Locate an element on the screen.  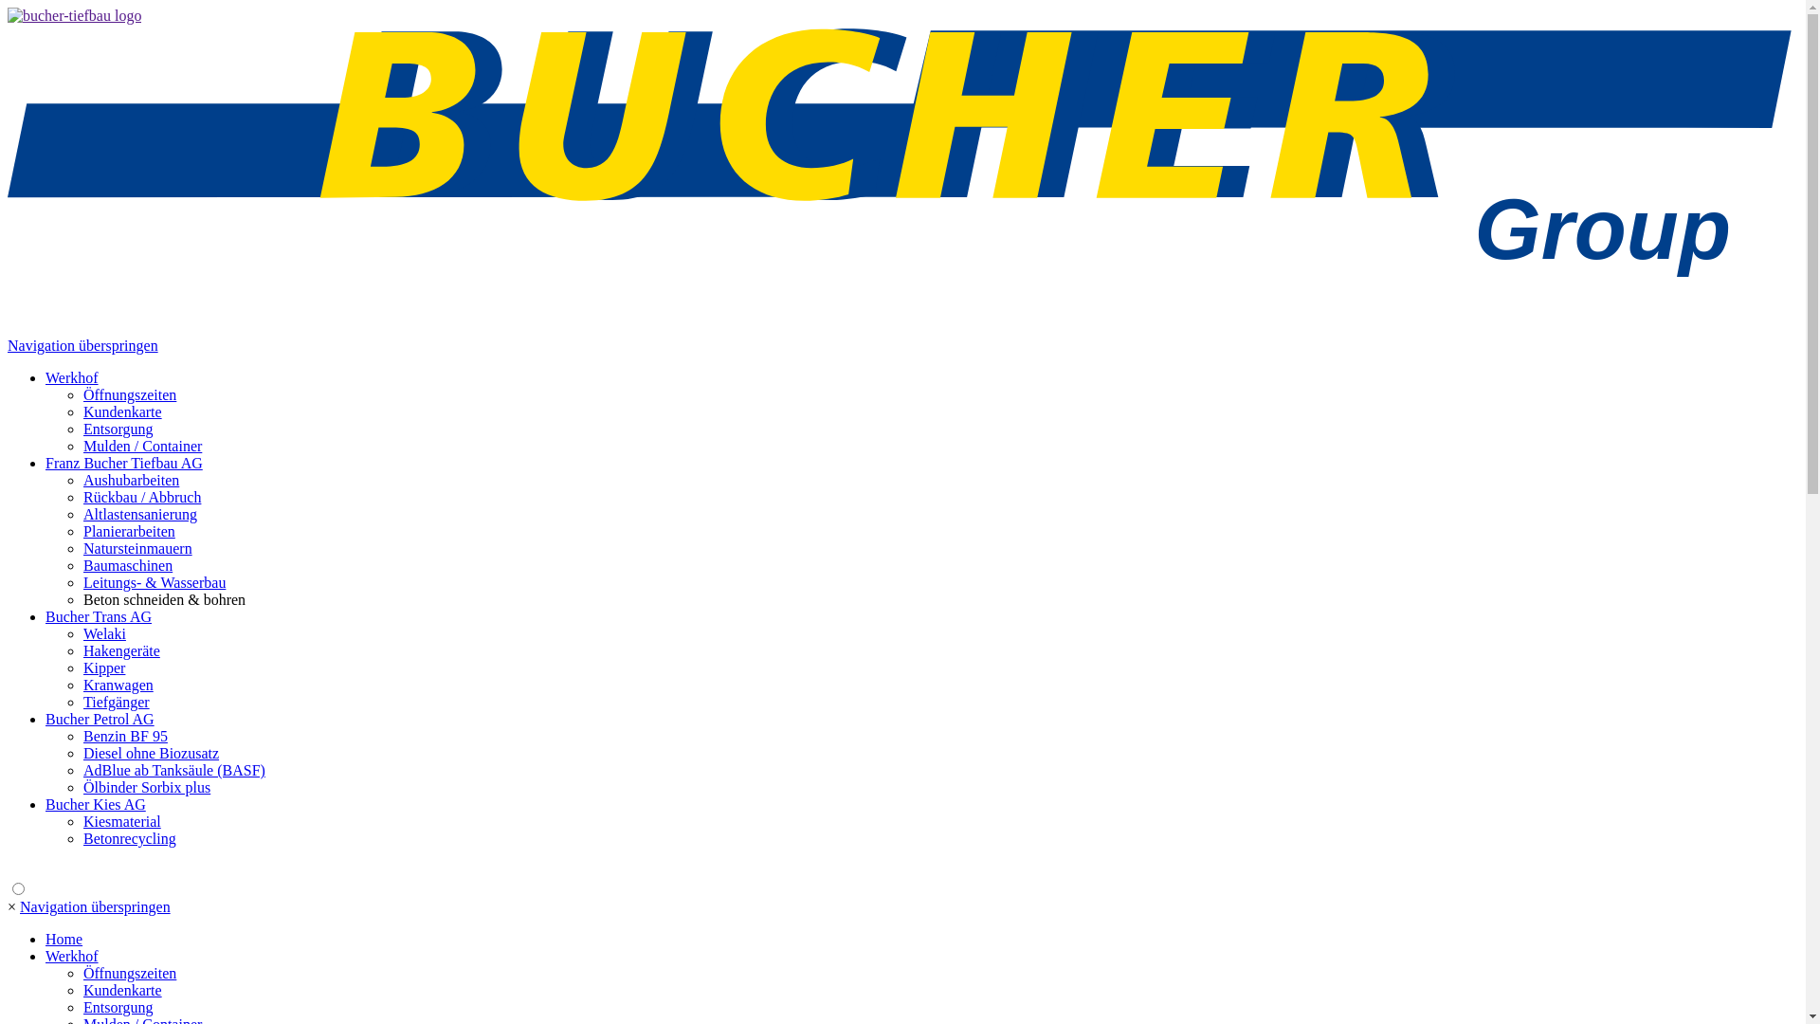
'Welaki' is located at coordinates (82, 633).